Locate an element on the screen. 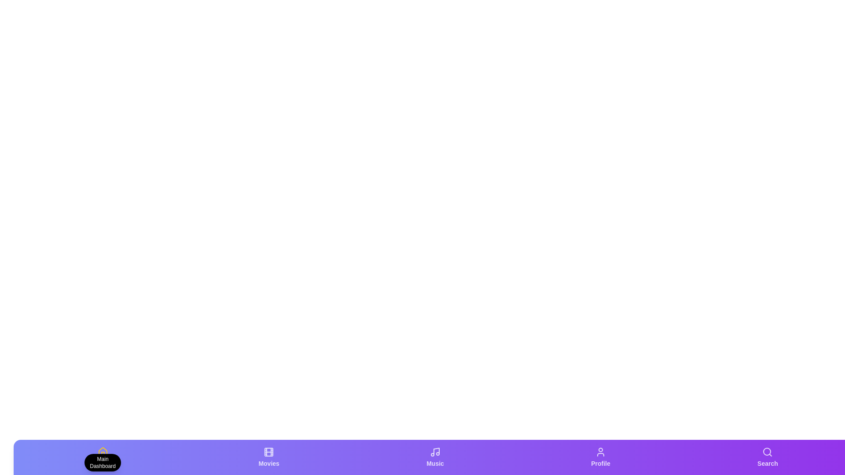 The width and height of the screenshot is (845, 475). the tab labeled 'Movies' to view its description tooltip is located at coordinates (268, 457).